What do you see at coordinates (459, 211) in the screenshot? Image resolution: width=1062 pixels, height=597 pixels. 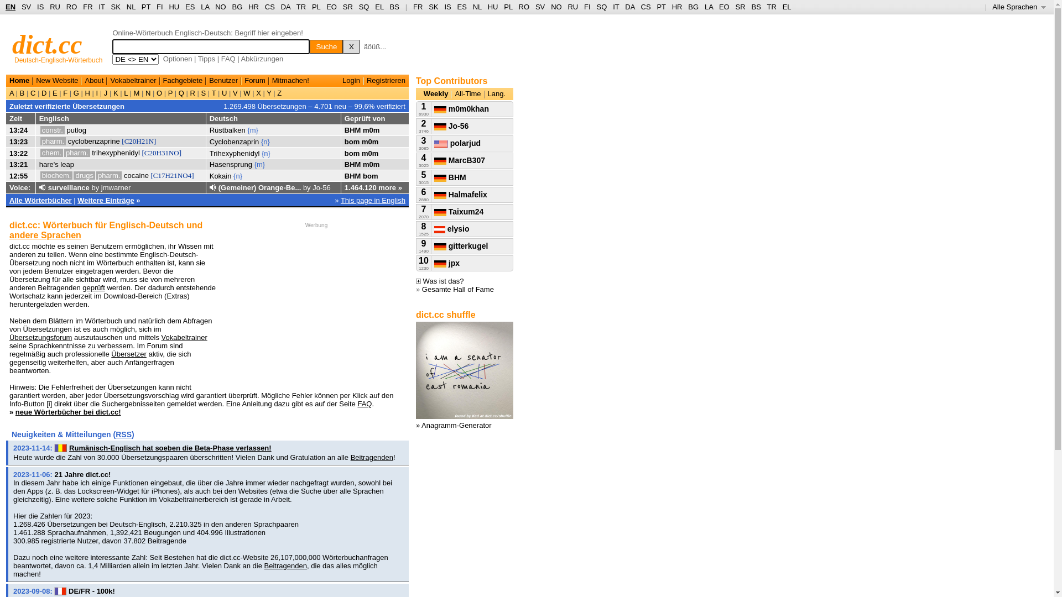 I see `'Taixum24'` at bounding box center [459, 211].